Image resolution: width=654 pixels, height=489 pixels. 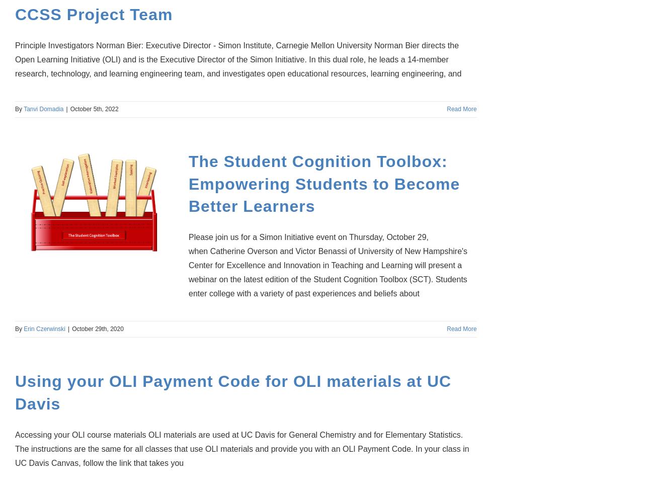 I want to click on 'Erin Czerwinski', so click(x=44, y=329).